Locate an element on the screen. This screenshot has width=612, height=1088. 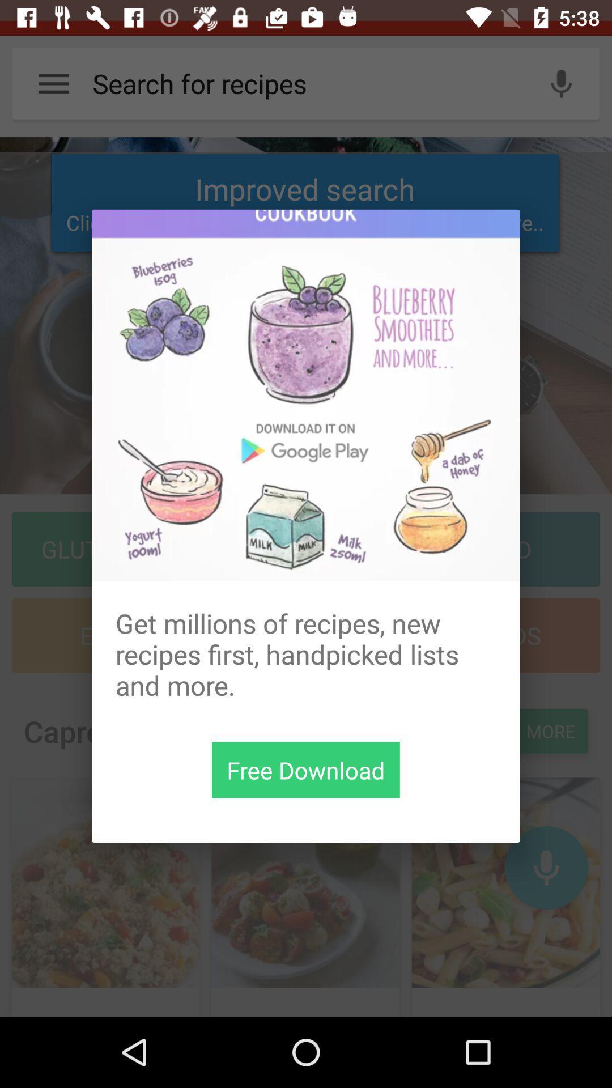
the item below get millions of is located at coordinates (306, 770).